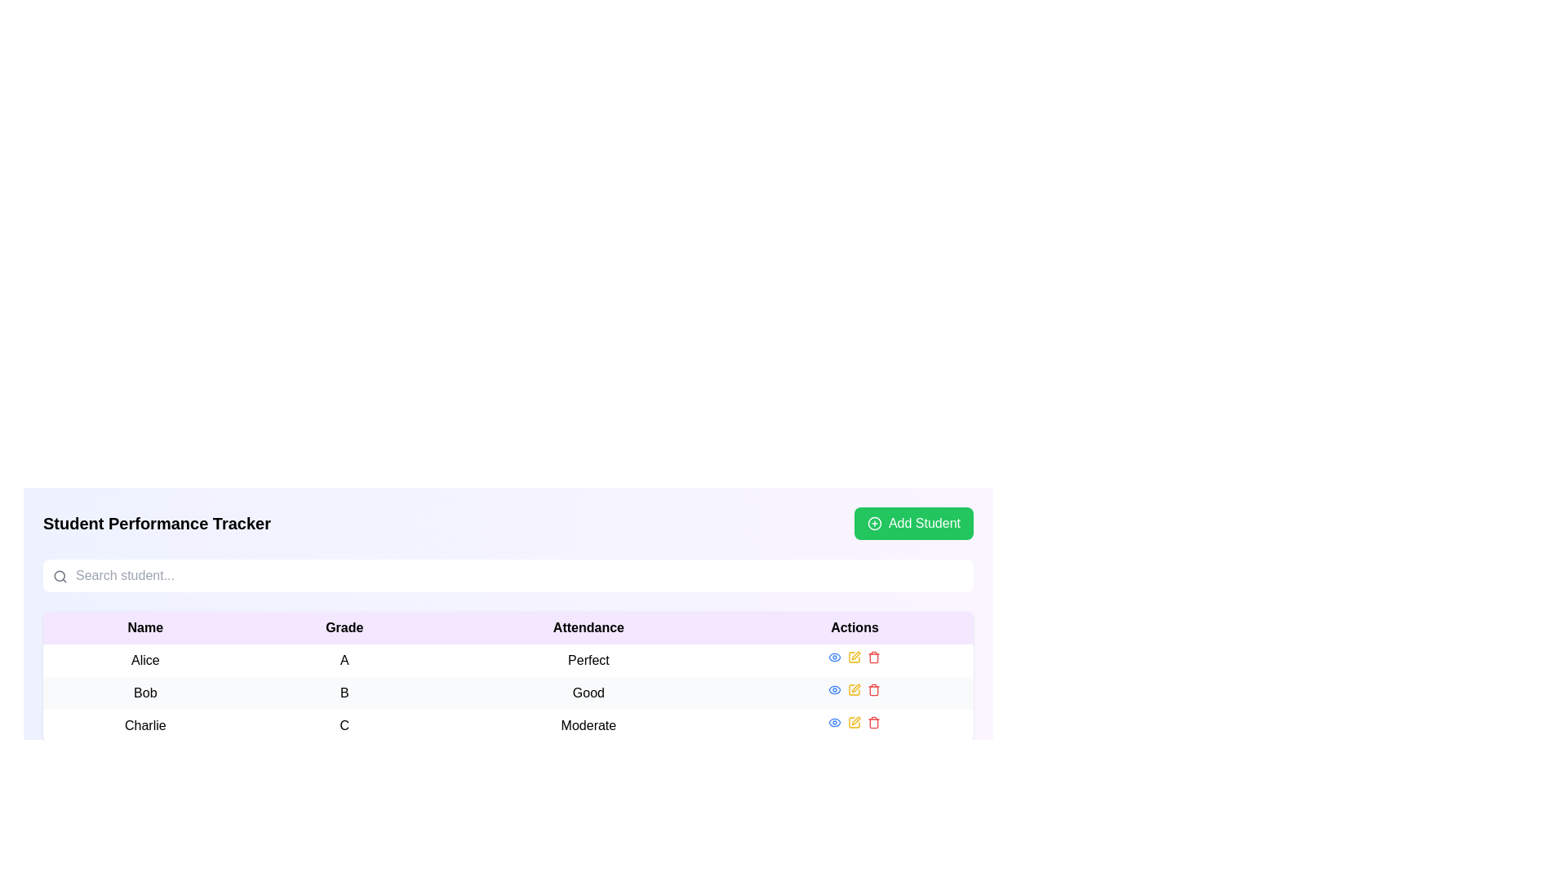 Image resolution: width=1567 pixels, height=881 pixels. What do you see at coordinates (912, 523) in the screenshot?
I see `the 'Add Student' button located at the far-right side of the header section labeled 'Student Performance Tracker'` at bounding box center [912, 523].